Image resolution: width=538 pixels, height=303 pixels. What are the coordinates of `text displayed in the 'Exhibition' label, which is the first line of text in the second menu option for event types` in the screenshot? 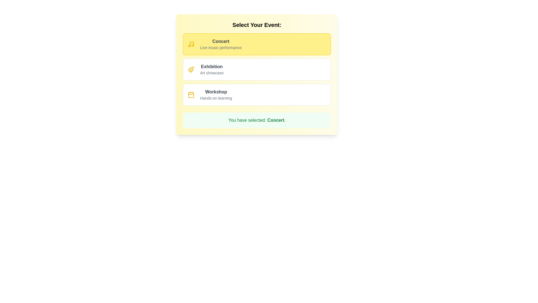 It's located at (212, 66).